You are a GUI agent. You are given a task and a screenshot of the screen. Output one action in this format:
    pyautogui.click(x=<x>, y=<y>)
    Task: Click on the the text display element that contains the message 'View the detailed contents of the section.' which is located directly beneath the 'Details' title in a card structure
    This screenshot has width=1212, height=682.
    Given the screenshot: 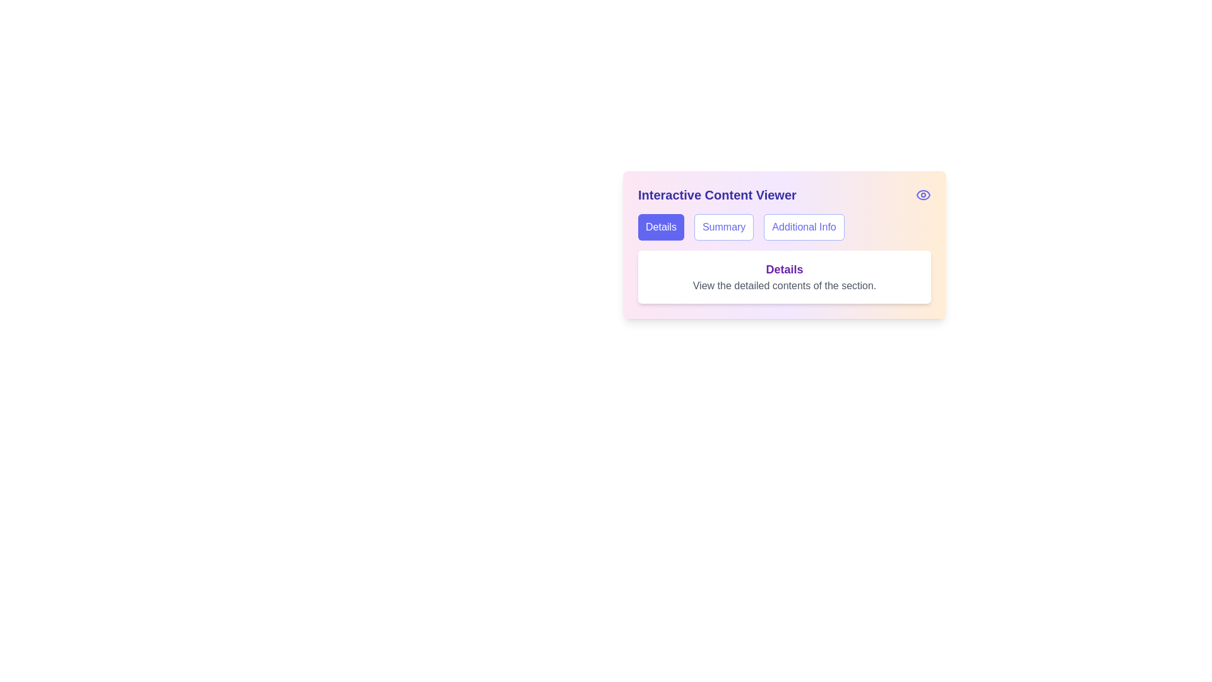 What is the action you would take?
    pyautogui.click(x=784, y=285)
    